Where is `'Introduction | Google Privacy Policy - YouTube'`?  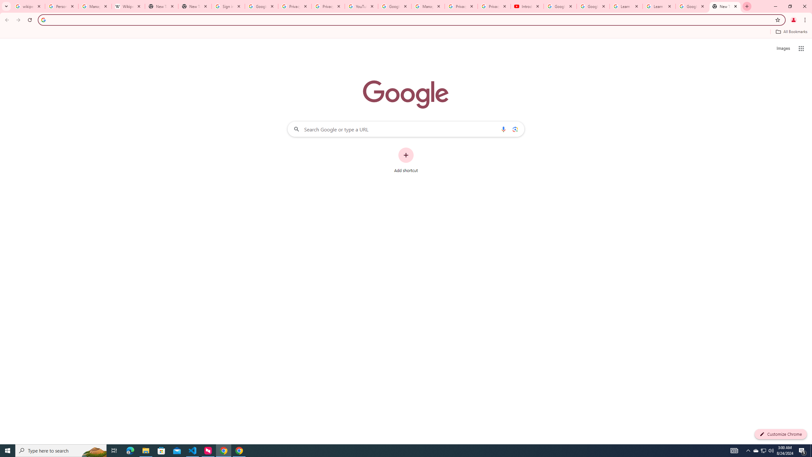 'Introduction | Google Privacy Policy - YouTube' is located at coordinates (527, 6).